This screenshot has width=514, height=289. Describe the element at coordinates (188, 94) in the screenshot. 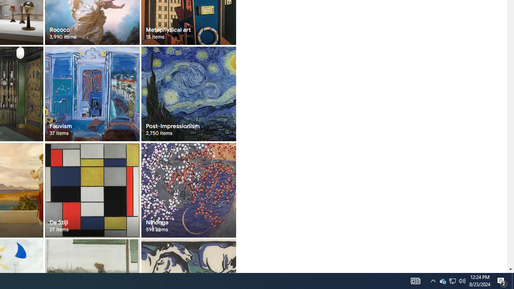

I see `'Post-Impressionism 2,750 items'` at that location.